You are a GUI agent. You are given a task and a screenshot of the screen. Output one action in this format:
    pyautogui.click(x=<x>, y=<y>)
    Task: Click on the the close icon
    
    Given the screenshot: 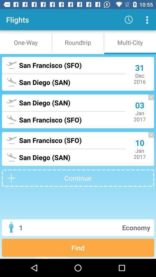 What is the action you would take?
    pyautogui.click(x=148, y=100)
    